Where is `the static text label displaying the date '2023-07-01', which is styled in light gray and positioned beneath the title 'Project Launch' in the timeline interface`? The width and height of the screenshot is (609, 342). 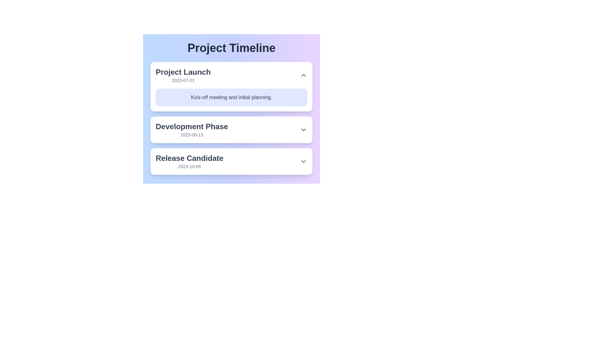
the static text label displaying the date '2023-07-01', which is styled in light gray and positioned beneath the title 'Project Launch' in the timeline interface is located at coordinates (183, 80).